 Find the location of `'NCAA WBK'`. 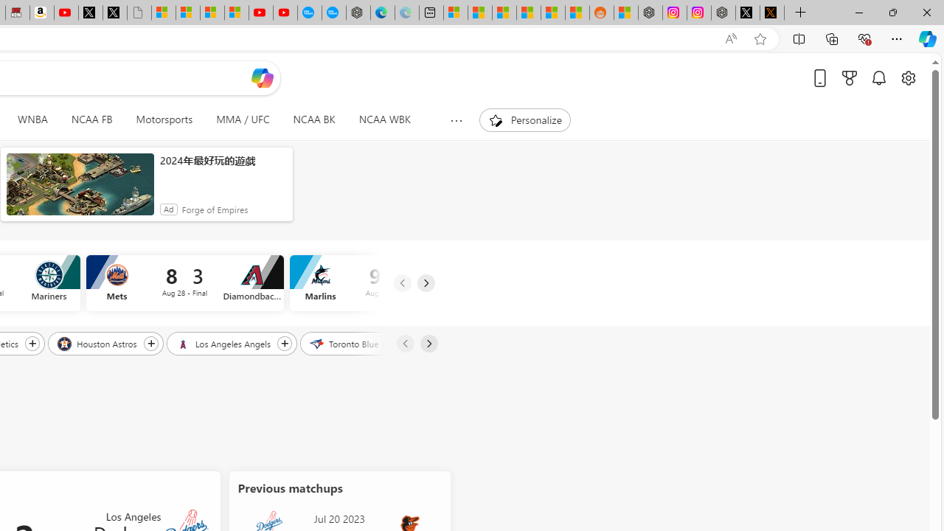

'NCAA WBK' is located at coordinates (384, 119).